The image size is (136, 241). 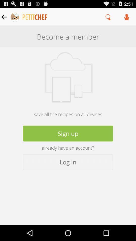 What do you see at coordinates (68, 162) in the screenshot?
I see `the button at the bottom` at bounding box center [68, 162].